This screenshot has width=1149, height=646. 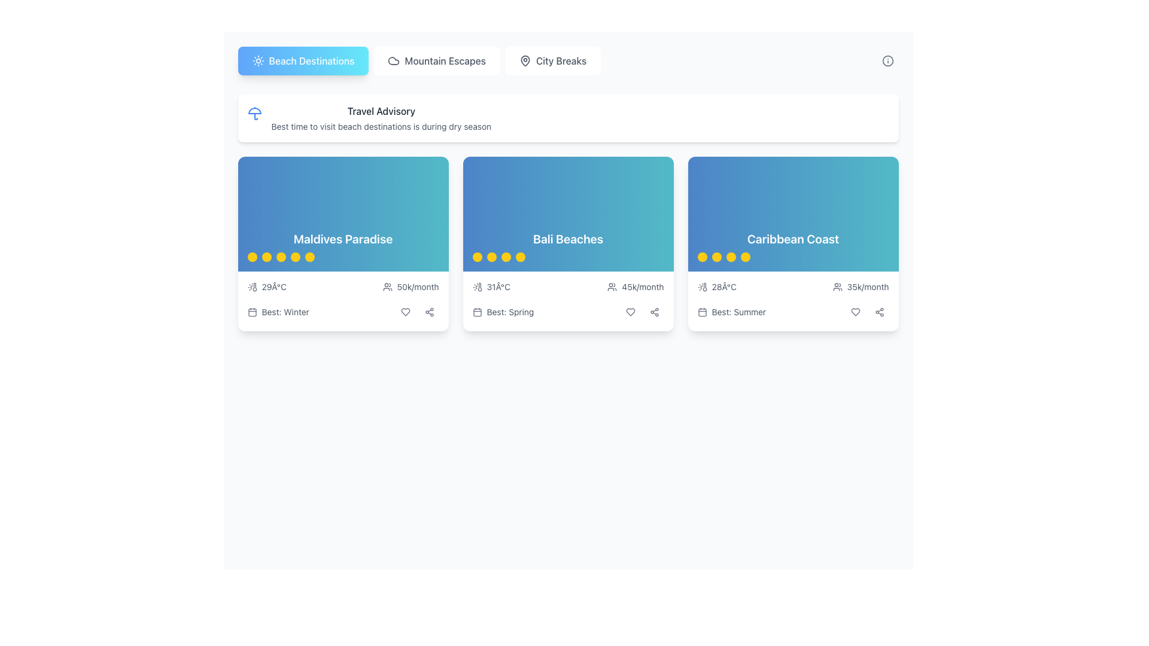 What do you see at coordinates (278, 311) in the screenshot?
I see `the Text with Icon Pair that displays 'Best: Winter' located below the 'Maldives Paradise' section` at bounding box center [278, 311].